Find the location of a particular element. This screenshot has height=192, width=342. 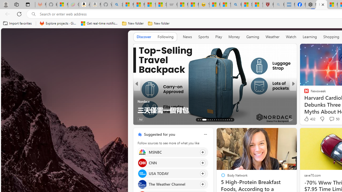

'Learning' is located at coordinates (310, 37).